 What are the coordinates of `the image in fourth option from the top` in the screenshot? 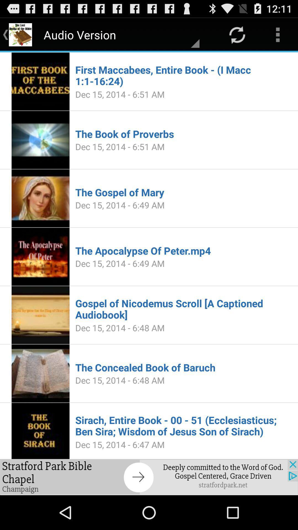 It's located at (40, 256).